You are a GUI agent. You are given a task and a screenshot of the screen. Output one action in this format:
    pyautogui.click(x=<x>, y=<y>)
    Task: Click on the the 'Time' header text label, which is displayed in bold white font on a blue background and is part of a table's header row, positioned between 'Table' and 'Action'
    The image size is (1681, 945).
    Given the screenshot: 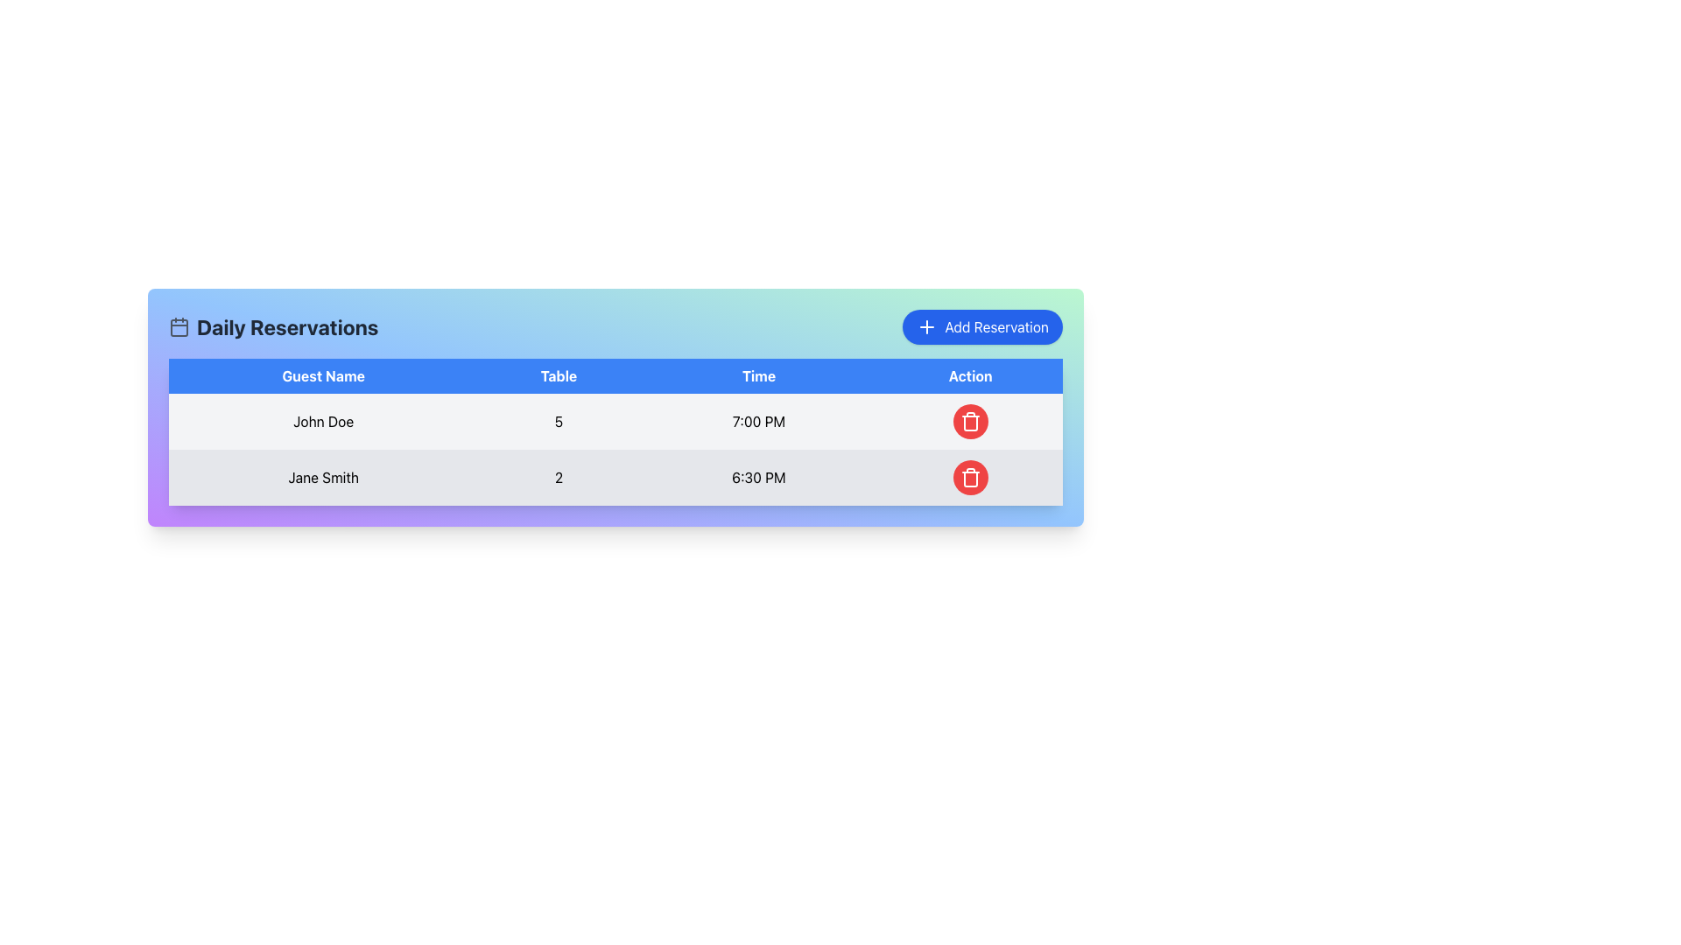 What is the action you would take?
    pyautogui.click(x=758, y=374)
    